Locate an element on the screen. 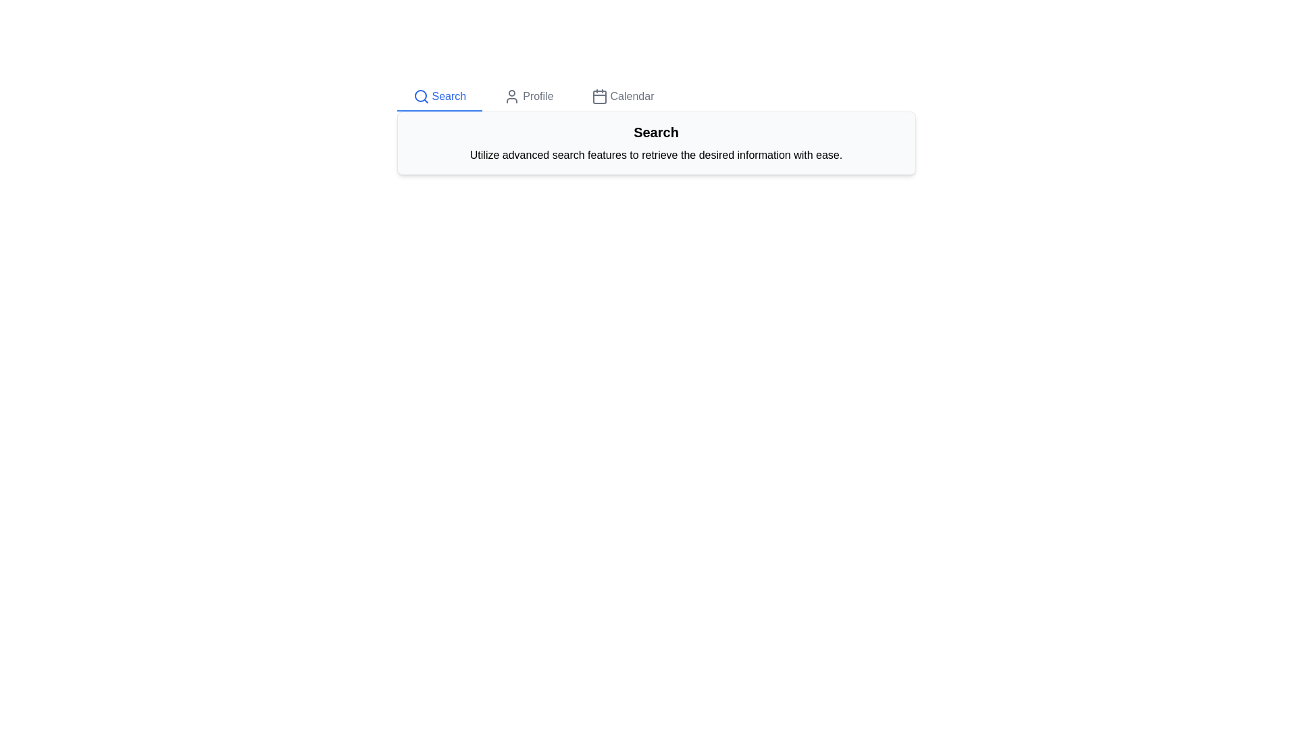 The image size is (1297, 730). the Profile tab to view its content is located at coordinates (528, 96).